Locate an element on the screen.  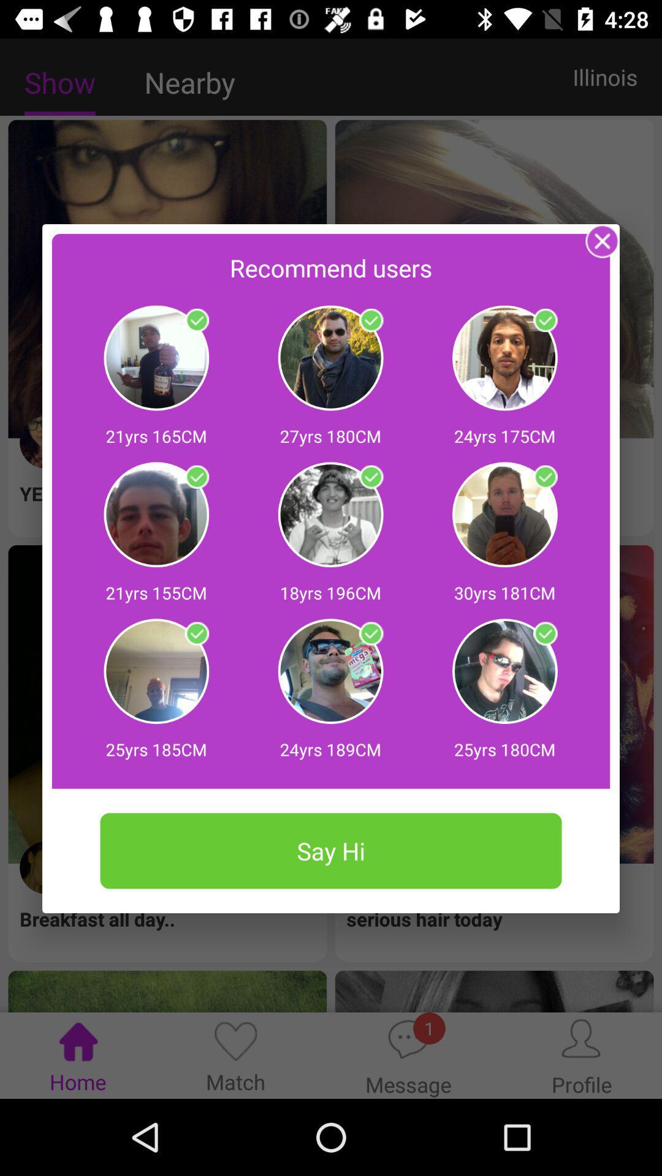
like is located at coordinates (370, 320).